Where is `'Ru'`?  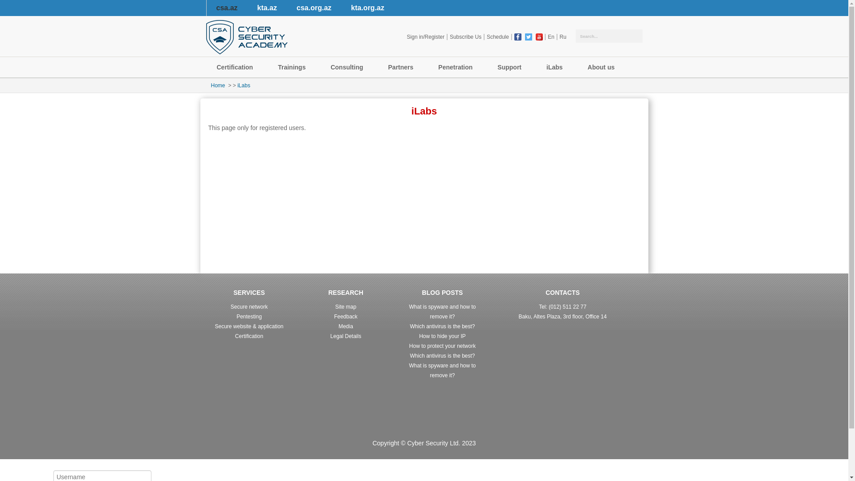
'Ru' is located at coordinates (562, 37).